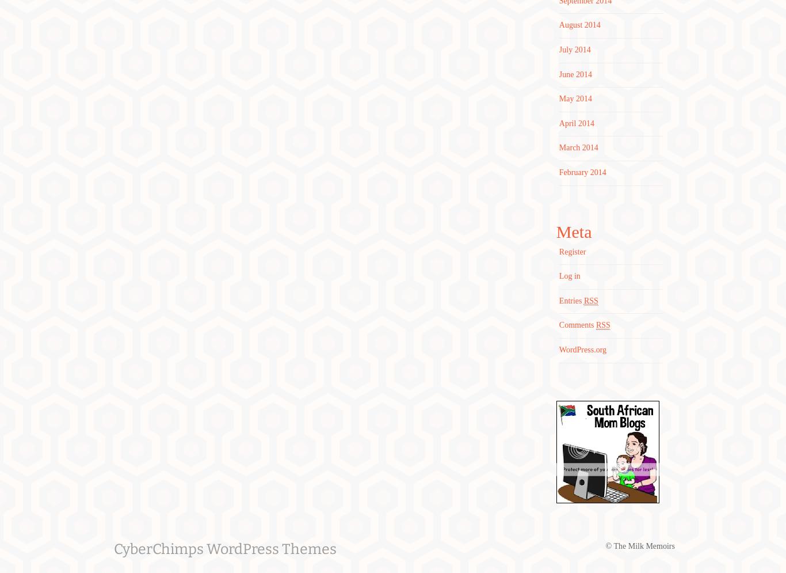 This screenshot has height=573, width=786. What do you see at coordinates (582, 349) in the screenshot?
I see `'WordPress.org'` at bounding box center [582, 349].